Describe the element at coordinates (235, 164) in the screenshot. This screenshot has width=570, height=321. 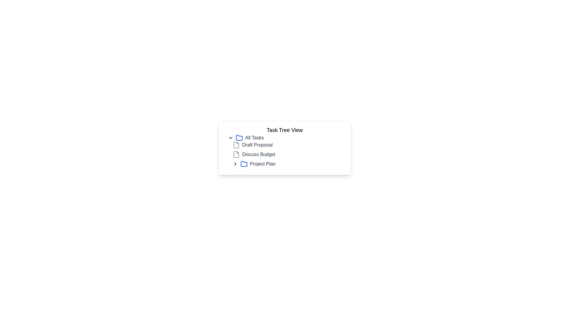
I see `the small triangular chevron icon pointing to the right, located to the far left of the row containing the 'Project Plan' text` at that location.